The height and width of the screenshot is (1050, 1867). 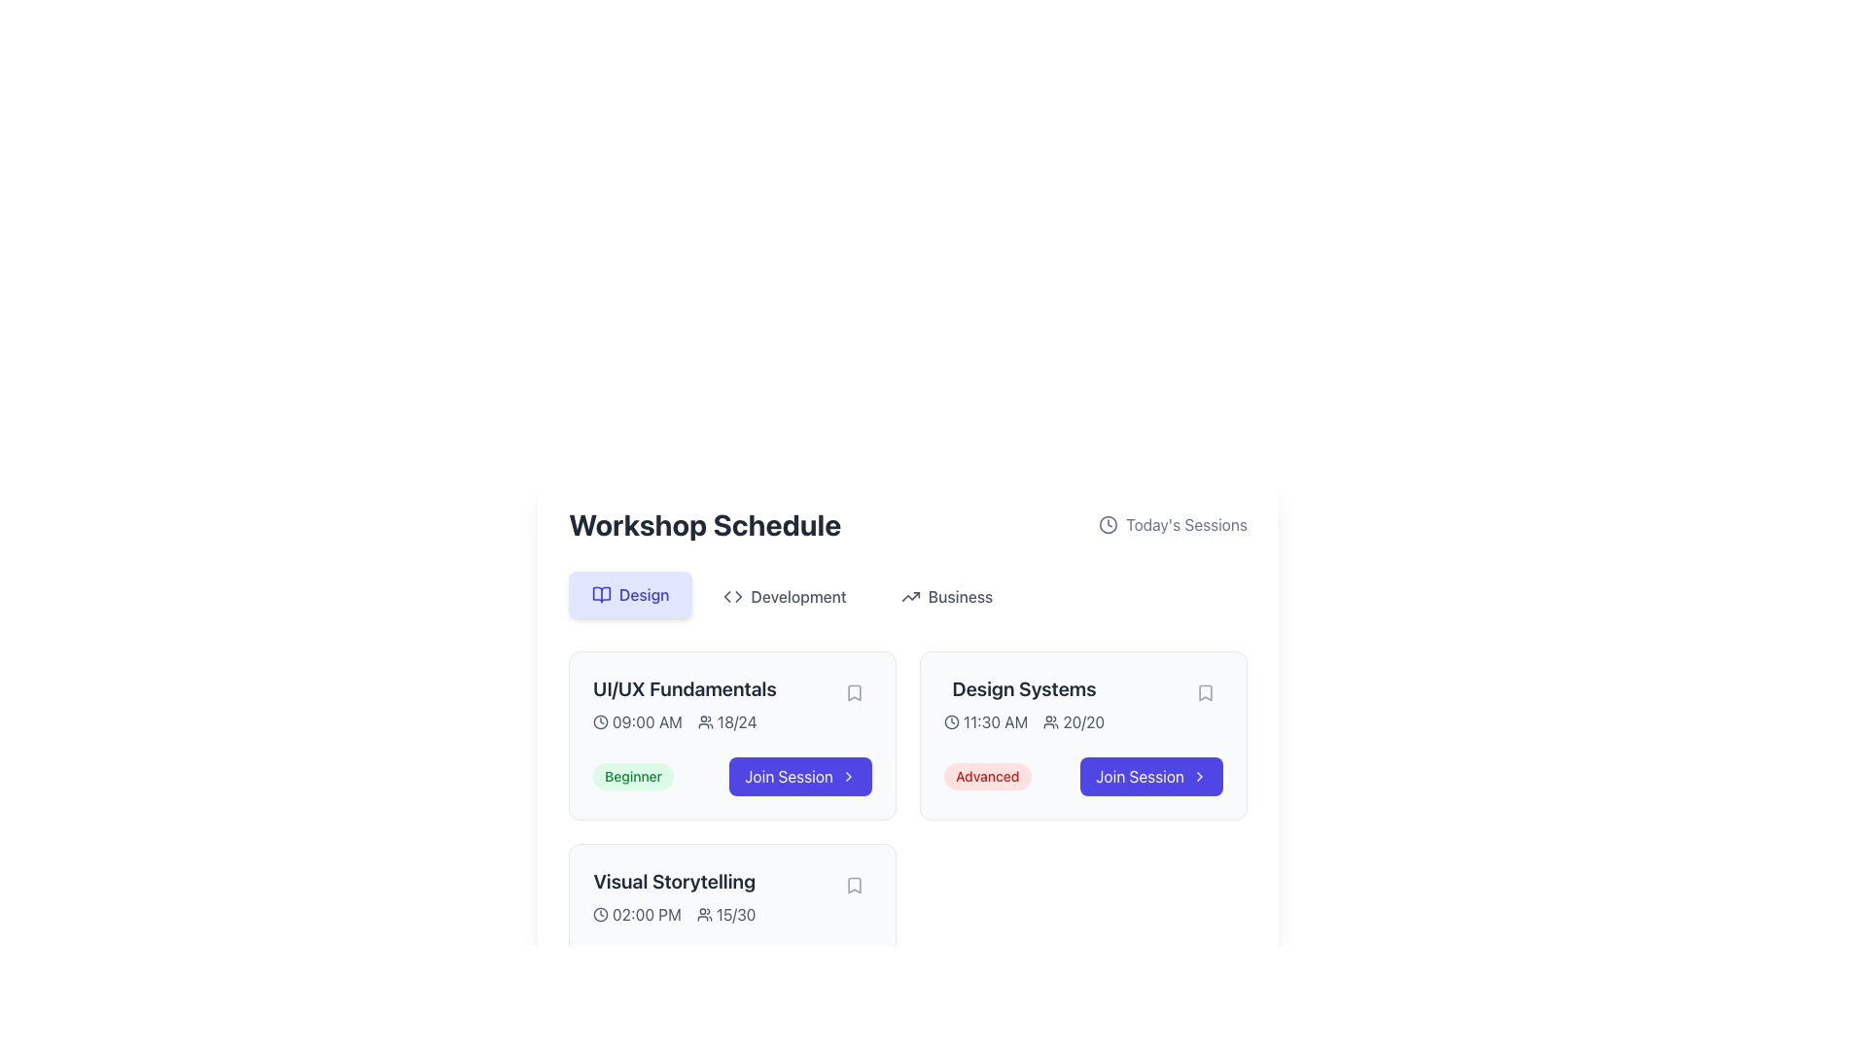 What do you see at coordinates (600, 915) in the screenshot?
I see `the design and placement of the circular clock icon located in the 'Visual Storytelling' subsection of the 'Workshop Schedule' section` at bounding box center [600, 915].